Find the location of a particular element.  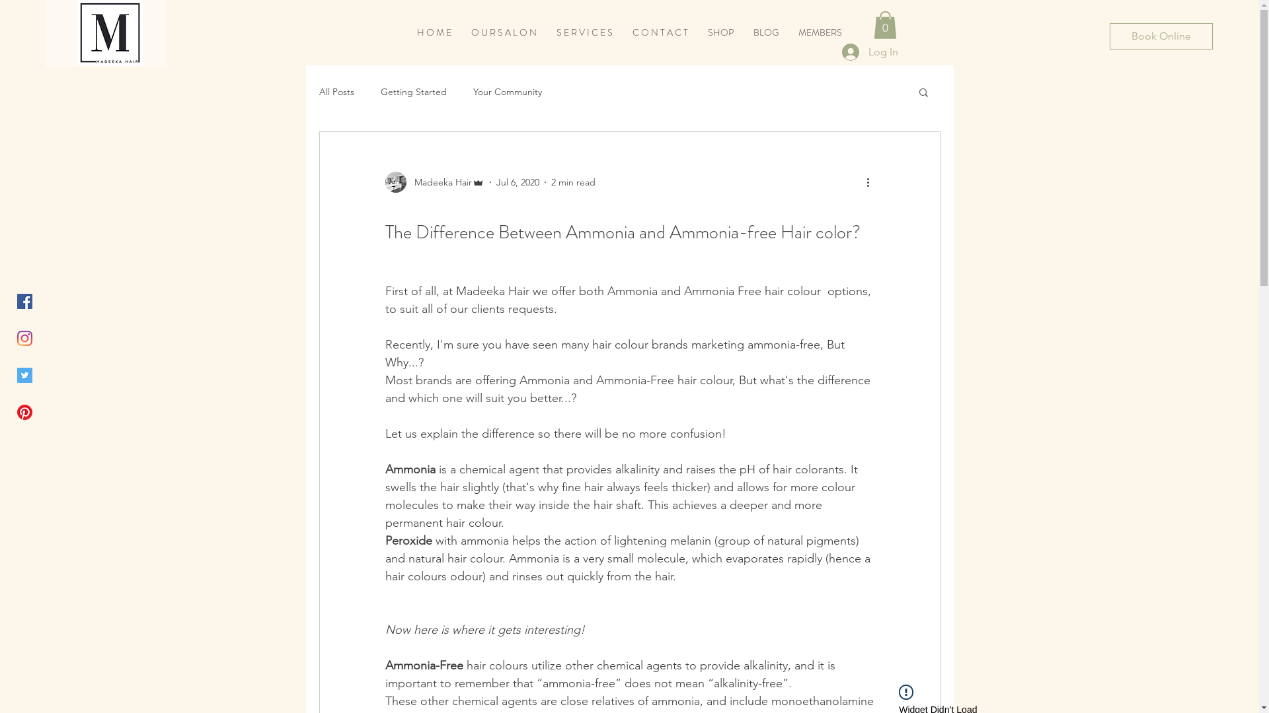

'MADEEKA HAIR_Full square black.jpg' is located at coordinates (110, 32).